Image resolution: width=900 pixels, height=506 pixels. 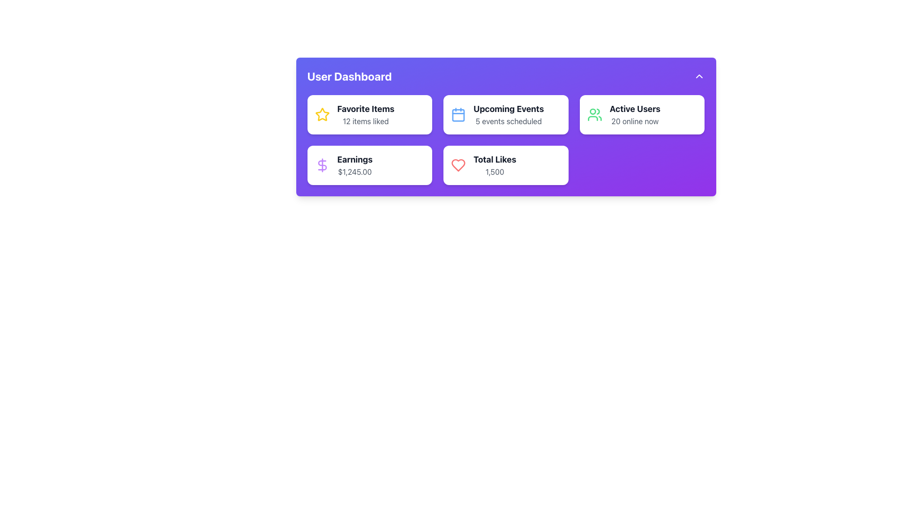 What do you see at coordinates (365, 108) in the screenshot?
I see `the 'Favorite Items' text label, which is styled in bold and large font and serves as a heading in the top-left corner of the User Dashboard` at bounding box center [365, 108].